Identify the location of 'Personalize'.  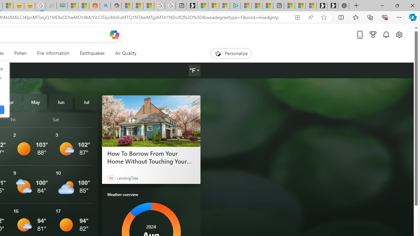
(231, 53).